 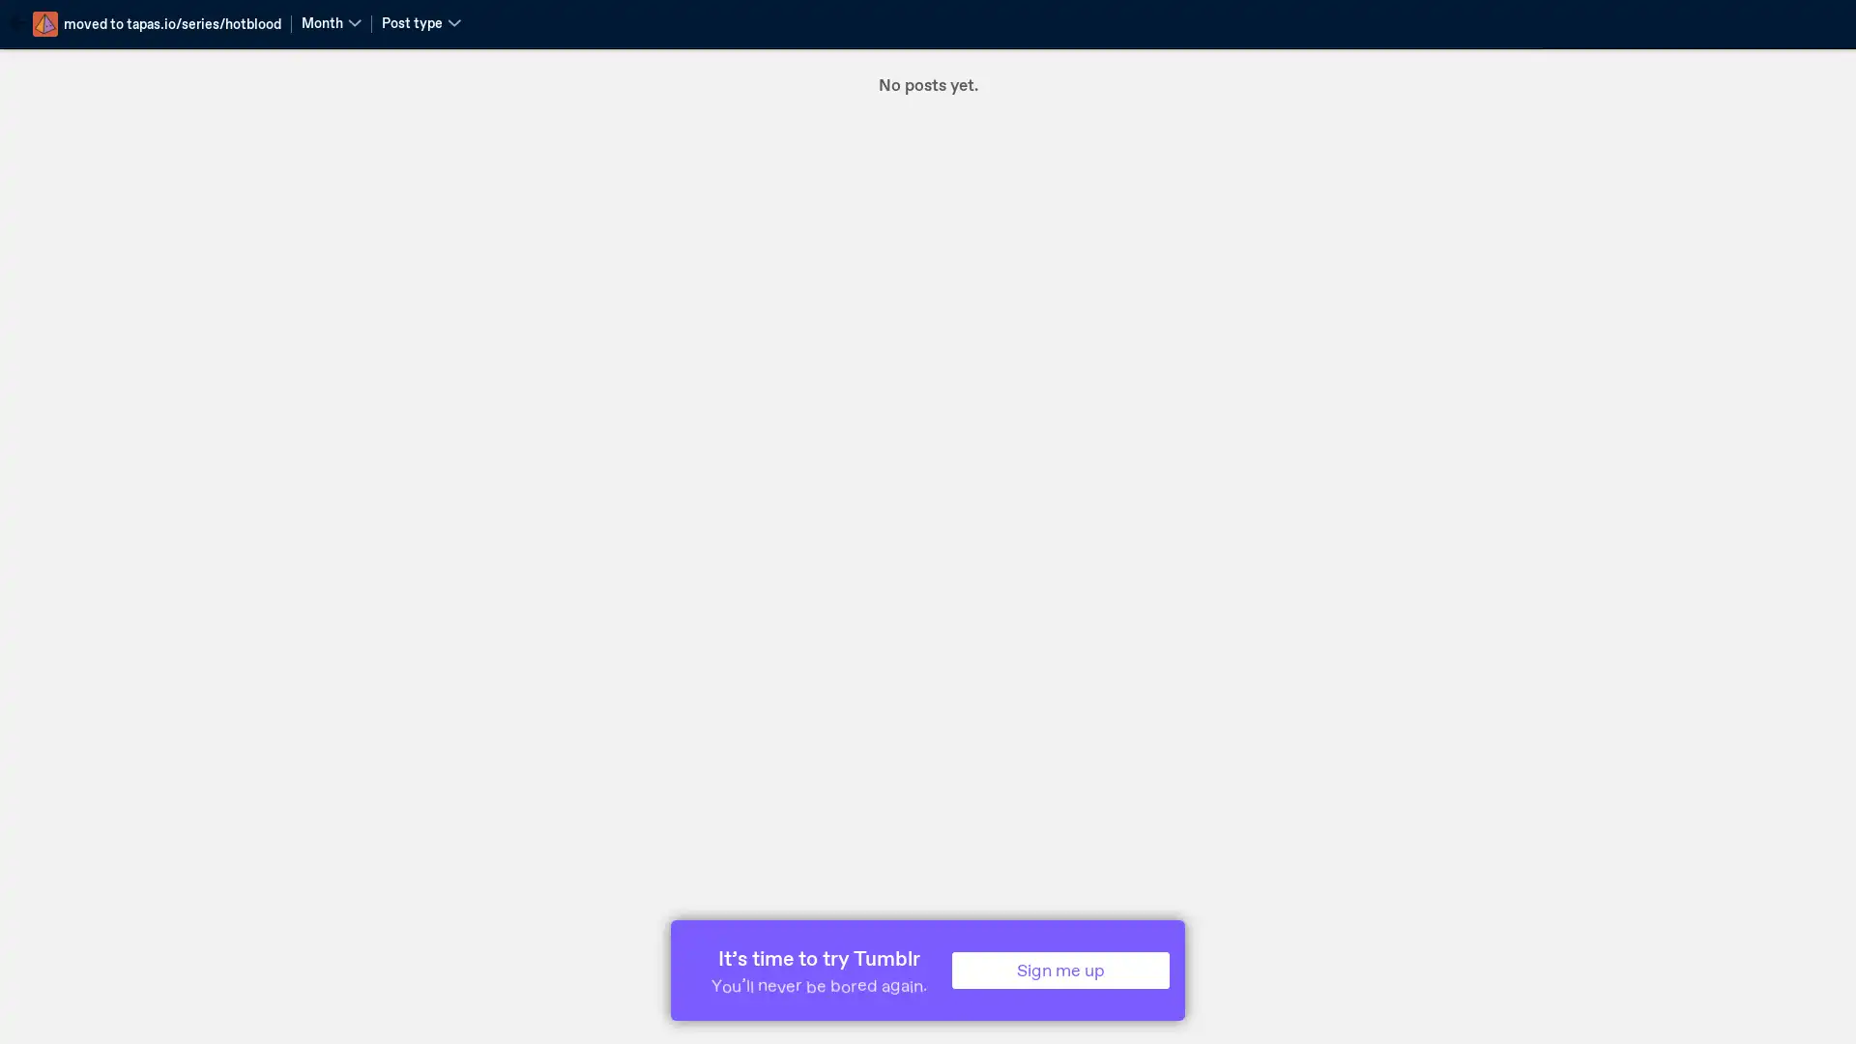 I want to click on Scroll to top, so click(x=1817, y=1022).